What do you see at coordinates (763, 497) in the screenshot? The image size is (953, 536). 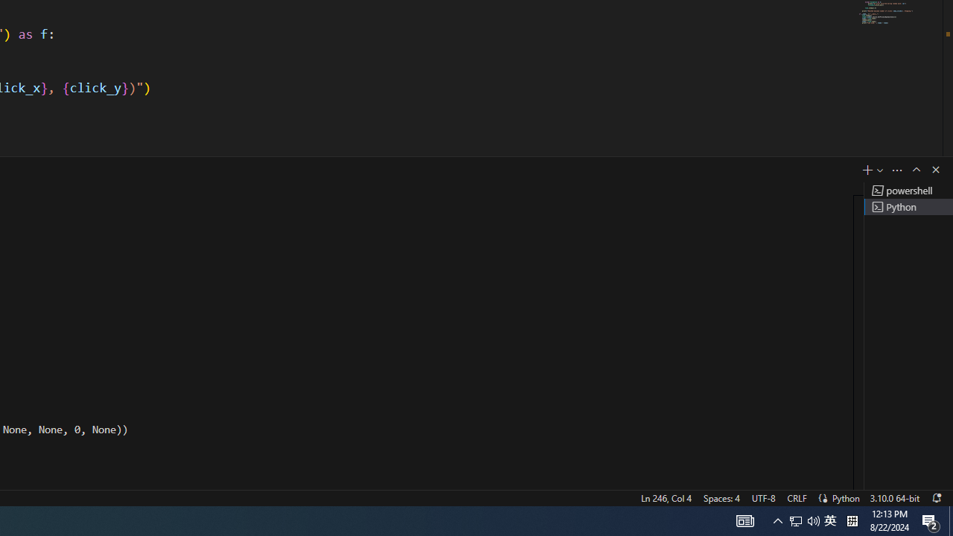 I see `'UTF-8'` at bounding box center [763, 497].